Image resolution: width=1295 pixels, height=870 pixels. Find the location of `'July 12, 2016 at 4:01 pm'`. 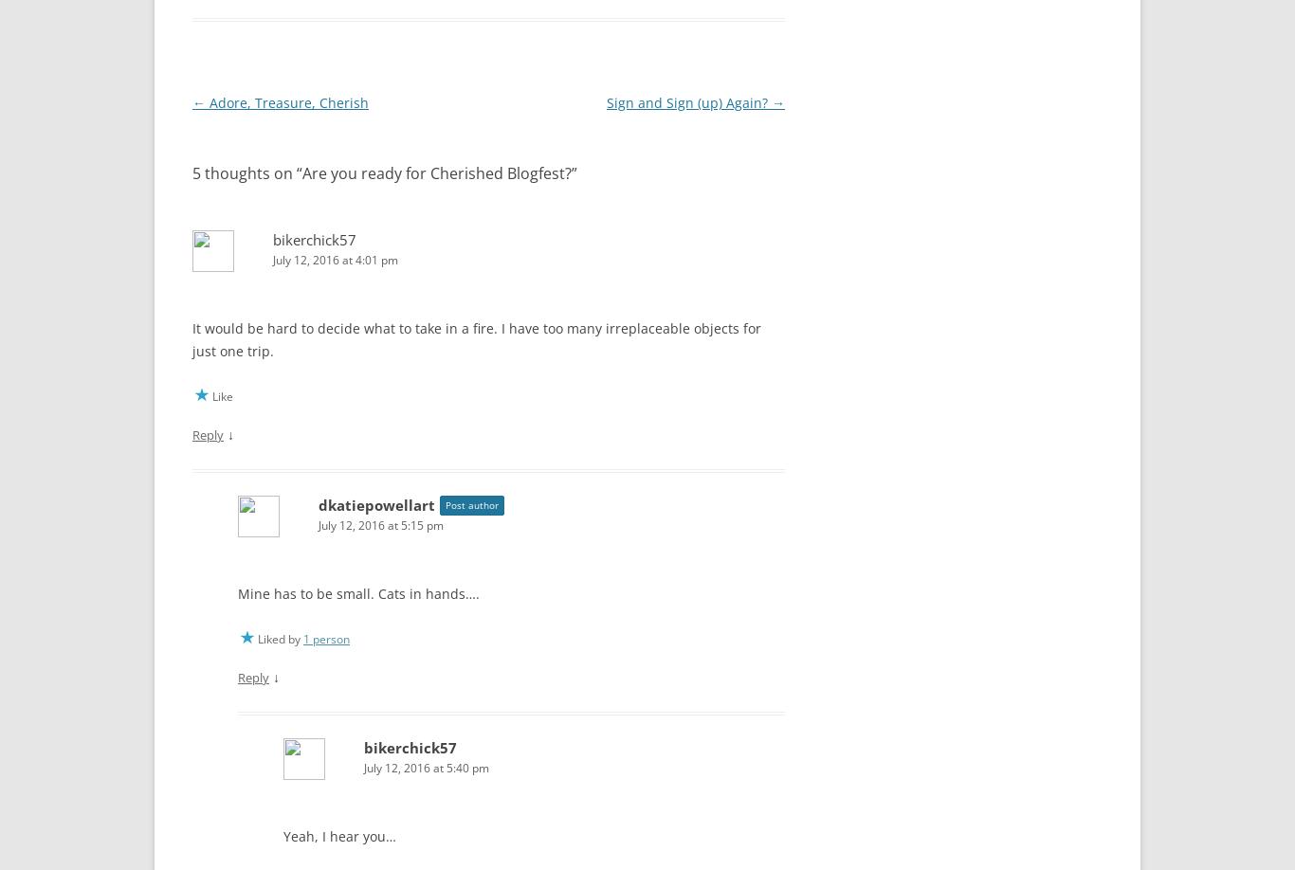

'July 12, 2016 at 4:01 pm' is located at coordinates (335, 253).